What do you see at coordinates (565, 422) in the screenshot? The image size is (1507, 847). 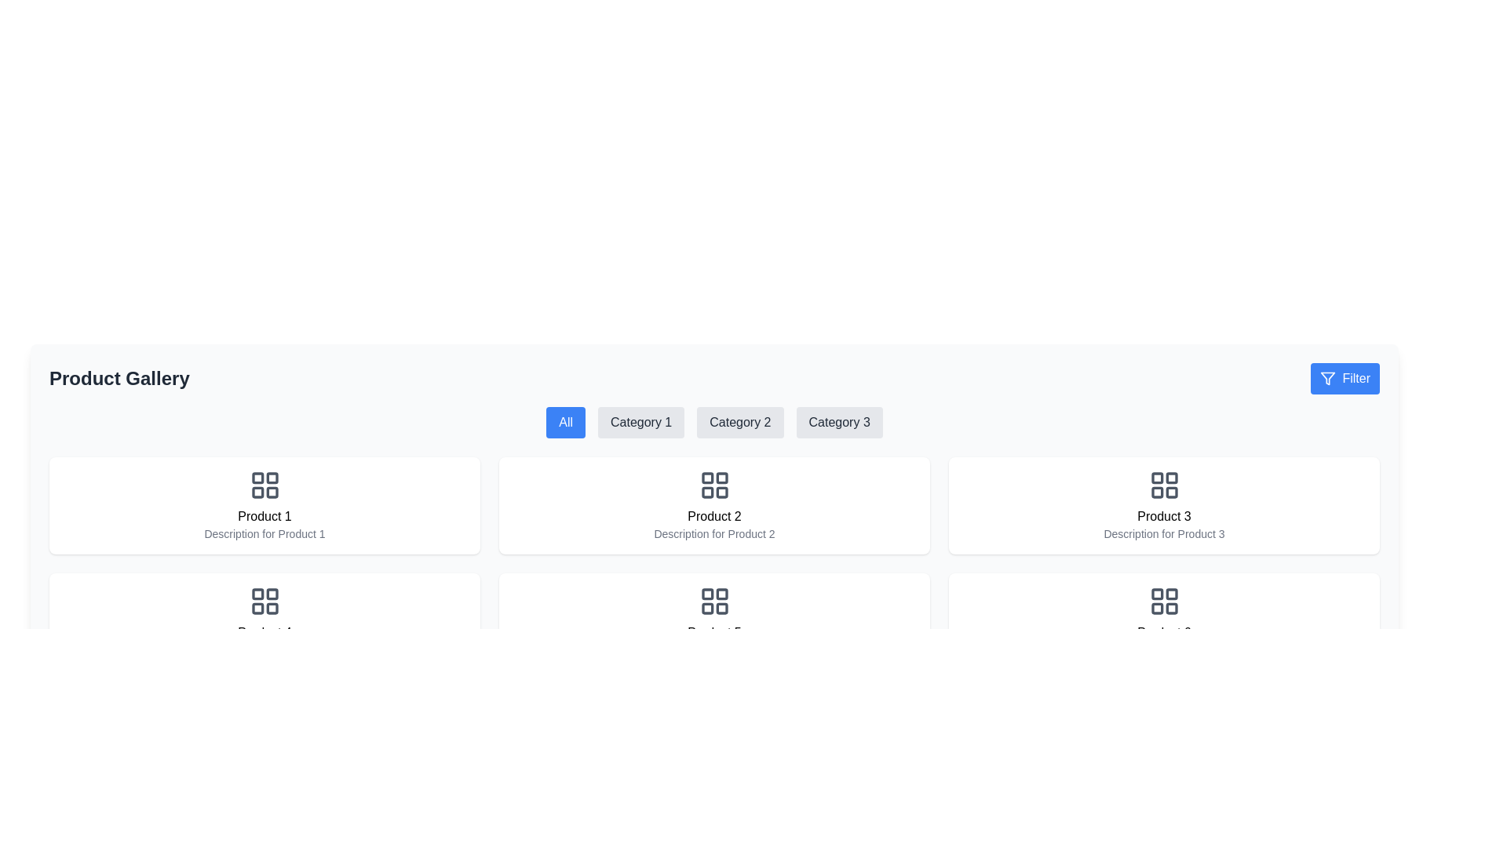 I see `the filter button located to the left of 'Category 1', 'Category 2', and 'Category 3'` at bounding box center [565, 422].